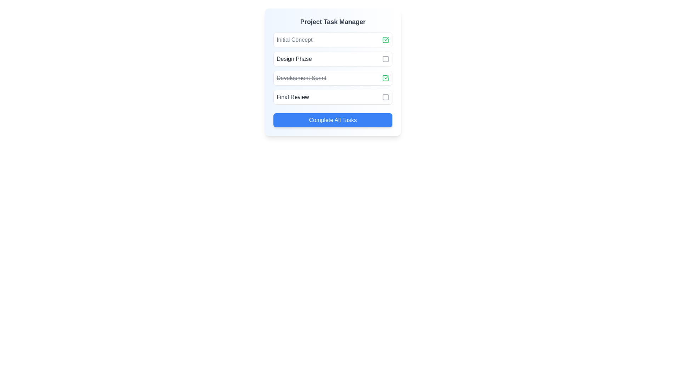  I want to click on the checkbox indicating the 'Design Phase' task to check its status, so click(385, 58).